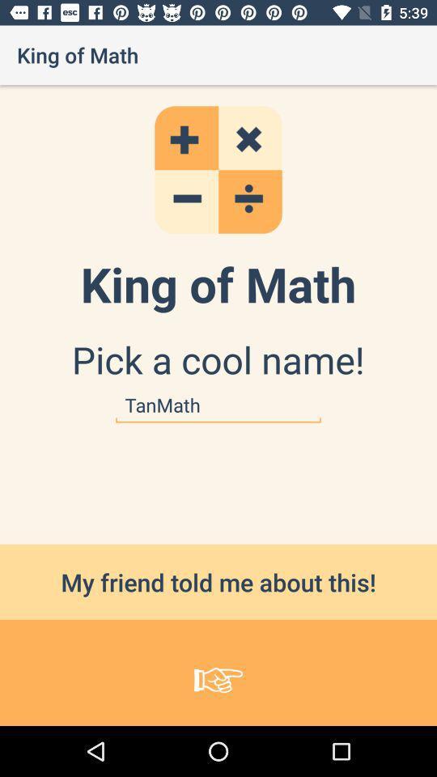  What do you see at coordinates (218, 673) in the screenshot?
I see `icon below my friend told item` at bounding box center [218, 673].